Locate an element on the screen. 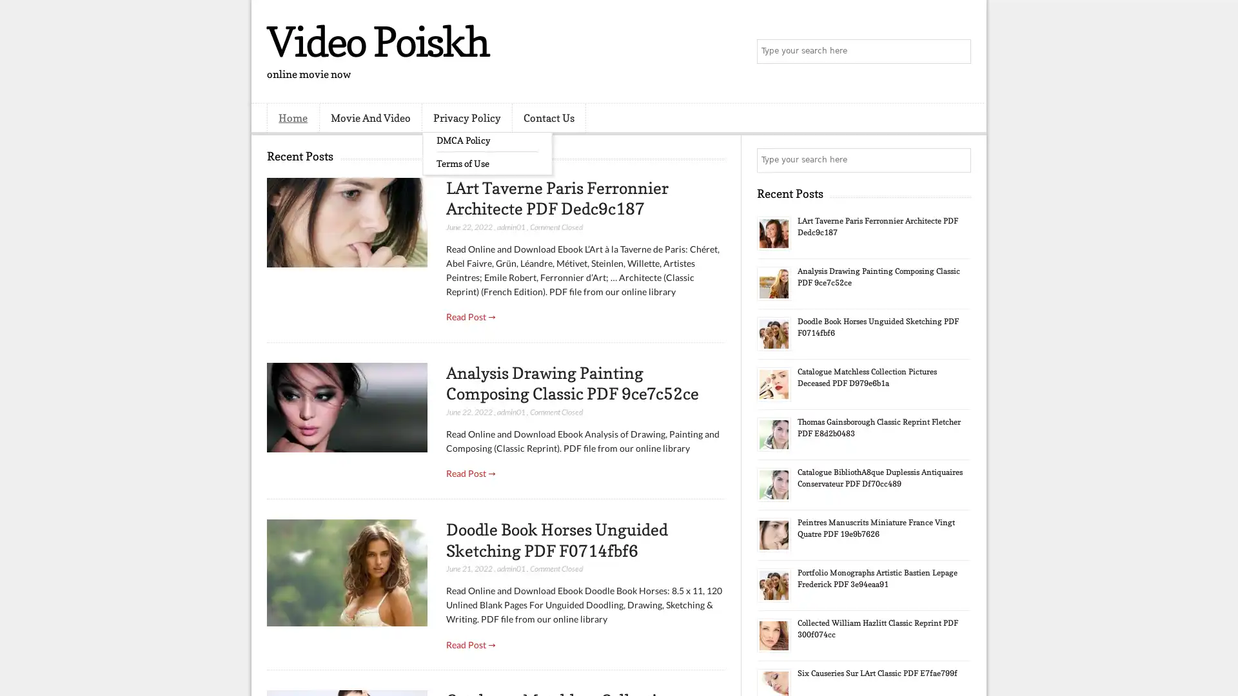 This screenshot has height=696, width=1238. Search is located at coordinates (958, 160).